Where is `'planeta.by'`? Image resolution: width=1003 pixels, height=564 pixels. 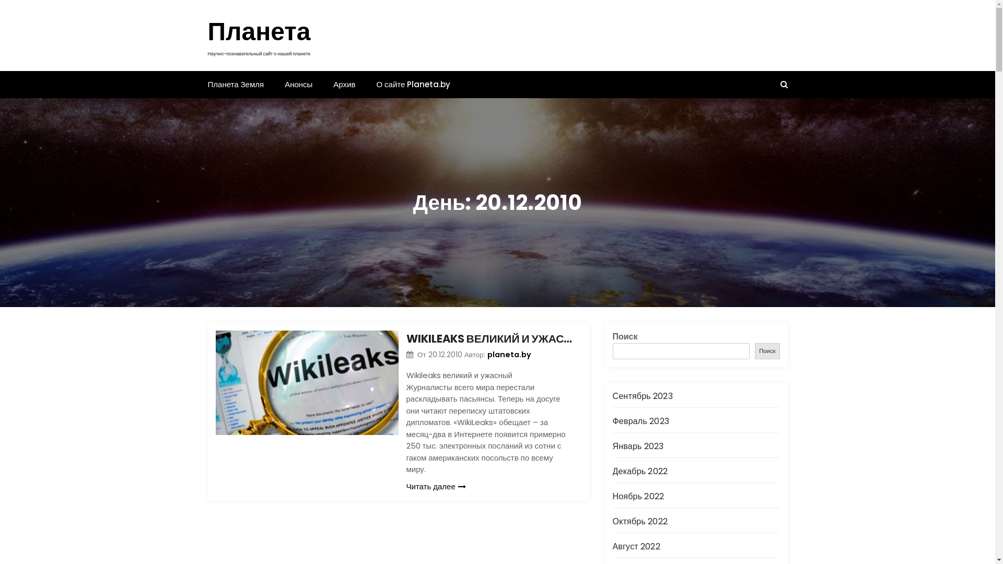 'planeta.by' is located at coordinates (509, 354).